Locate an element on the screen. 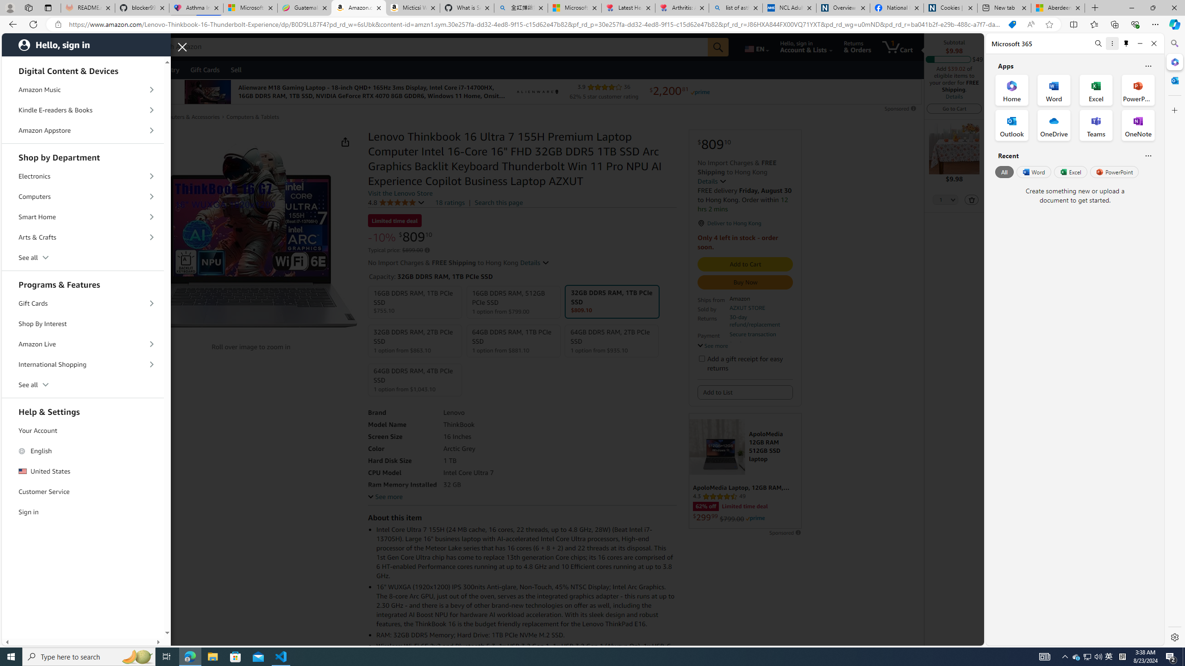 This screenshot has height=666, width=1185. 'Shop By Interest' is located at coordinates (83, 324).